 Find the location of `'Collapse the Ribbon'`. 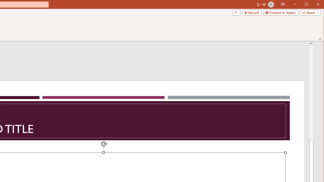

'Collapse the Ribbon' is located at coordinates (320, 39).